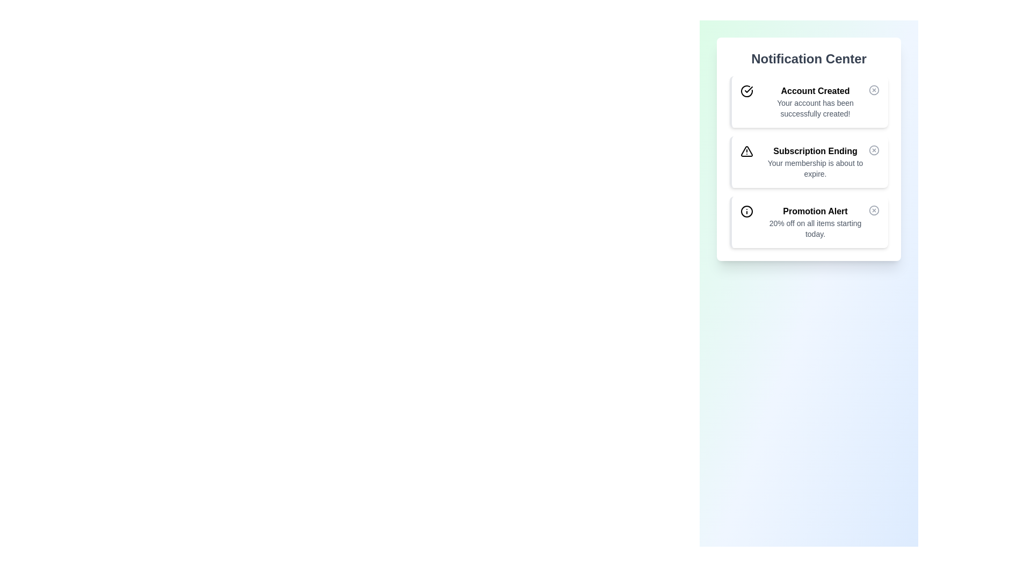  What do you see at coordinates (815, 162) in the screenshot?
I see `the information presented in the Notification Card Text titled 'Subscription Ending' with the subtitle 'Your membership is about to expire.'` at bounding box center [815, 162].